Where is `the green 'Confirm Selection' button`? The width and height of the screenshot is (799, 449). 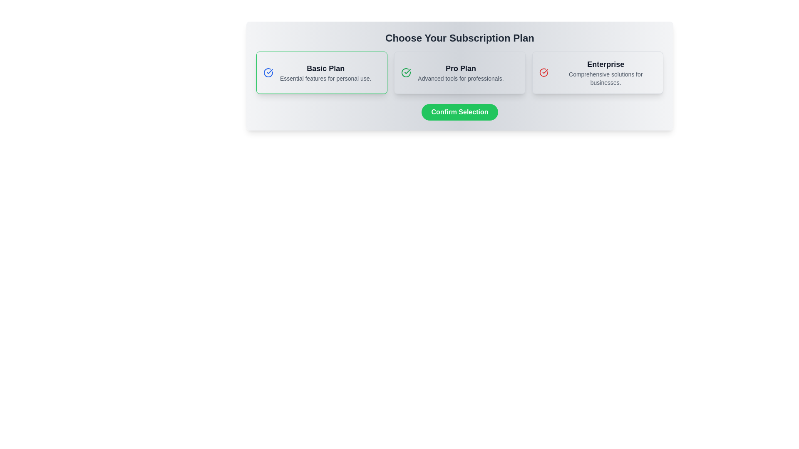 the green 'Confirm Selection' button is located at coordinates (459, 112).